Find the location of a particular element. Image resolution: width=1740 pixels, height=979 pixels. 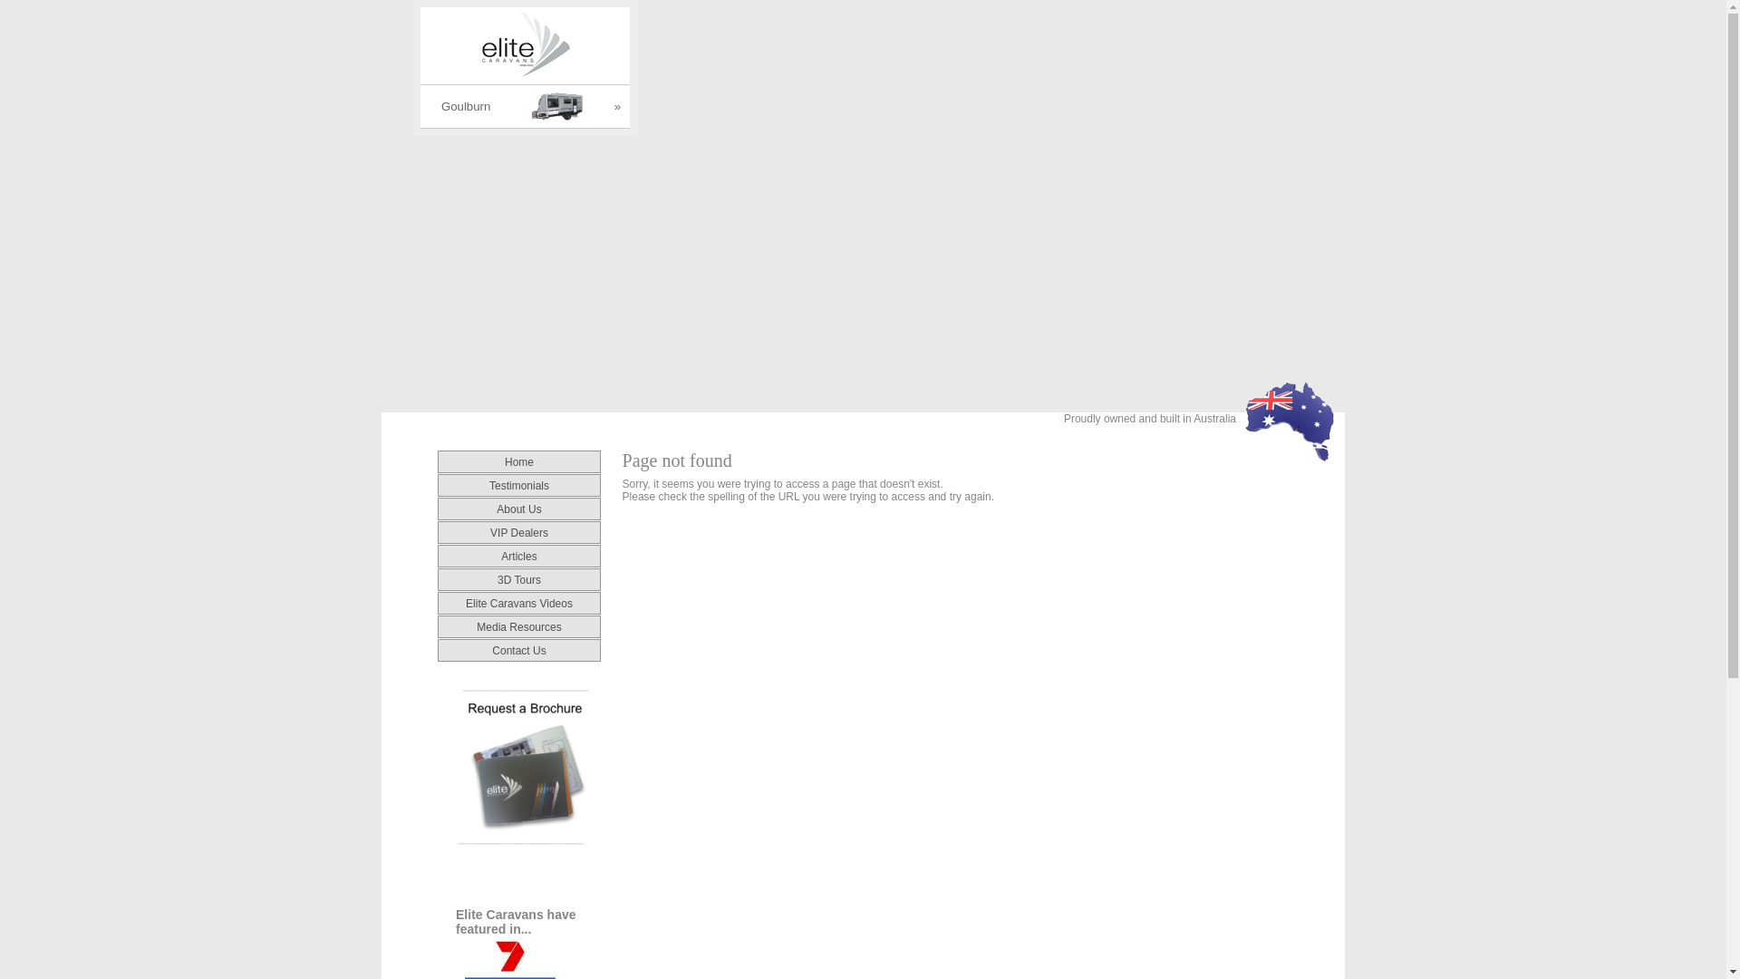

'VIP Dealers' is located at coordinates (517, 530).